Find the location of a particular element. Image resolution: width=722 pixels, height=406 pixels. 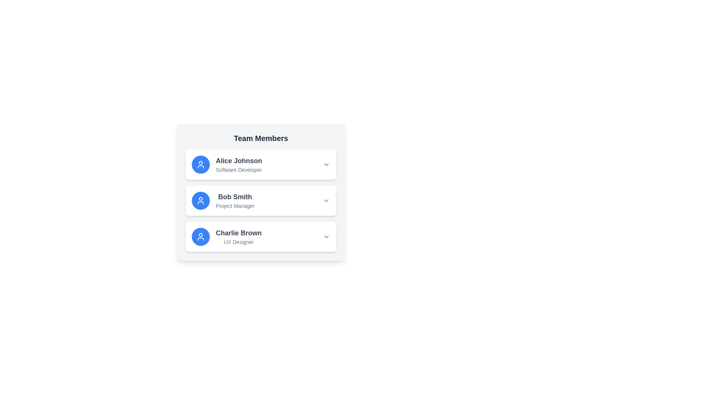

the Text element providing information about a team member, located in the first row of the 'Team Members' list, between the blue circle avatar and the dropdown arrow is located at coordinates (238, 164).